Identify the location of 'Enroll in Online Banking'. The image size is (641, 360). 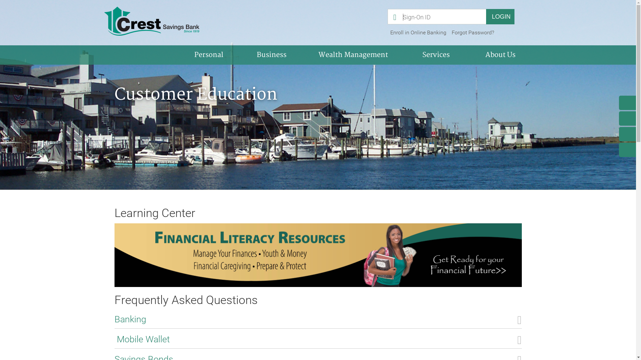
(388, 32).